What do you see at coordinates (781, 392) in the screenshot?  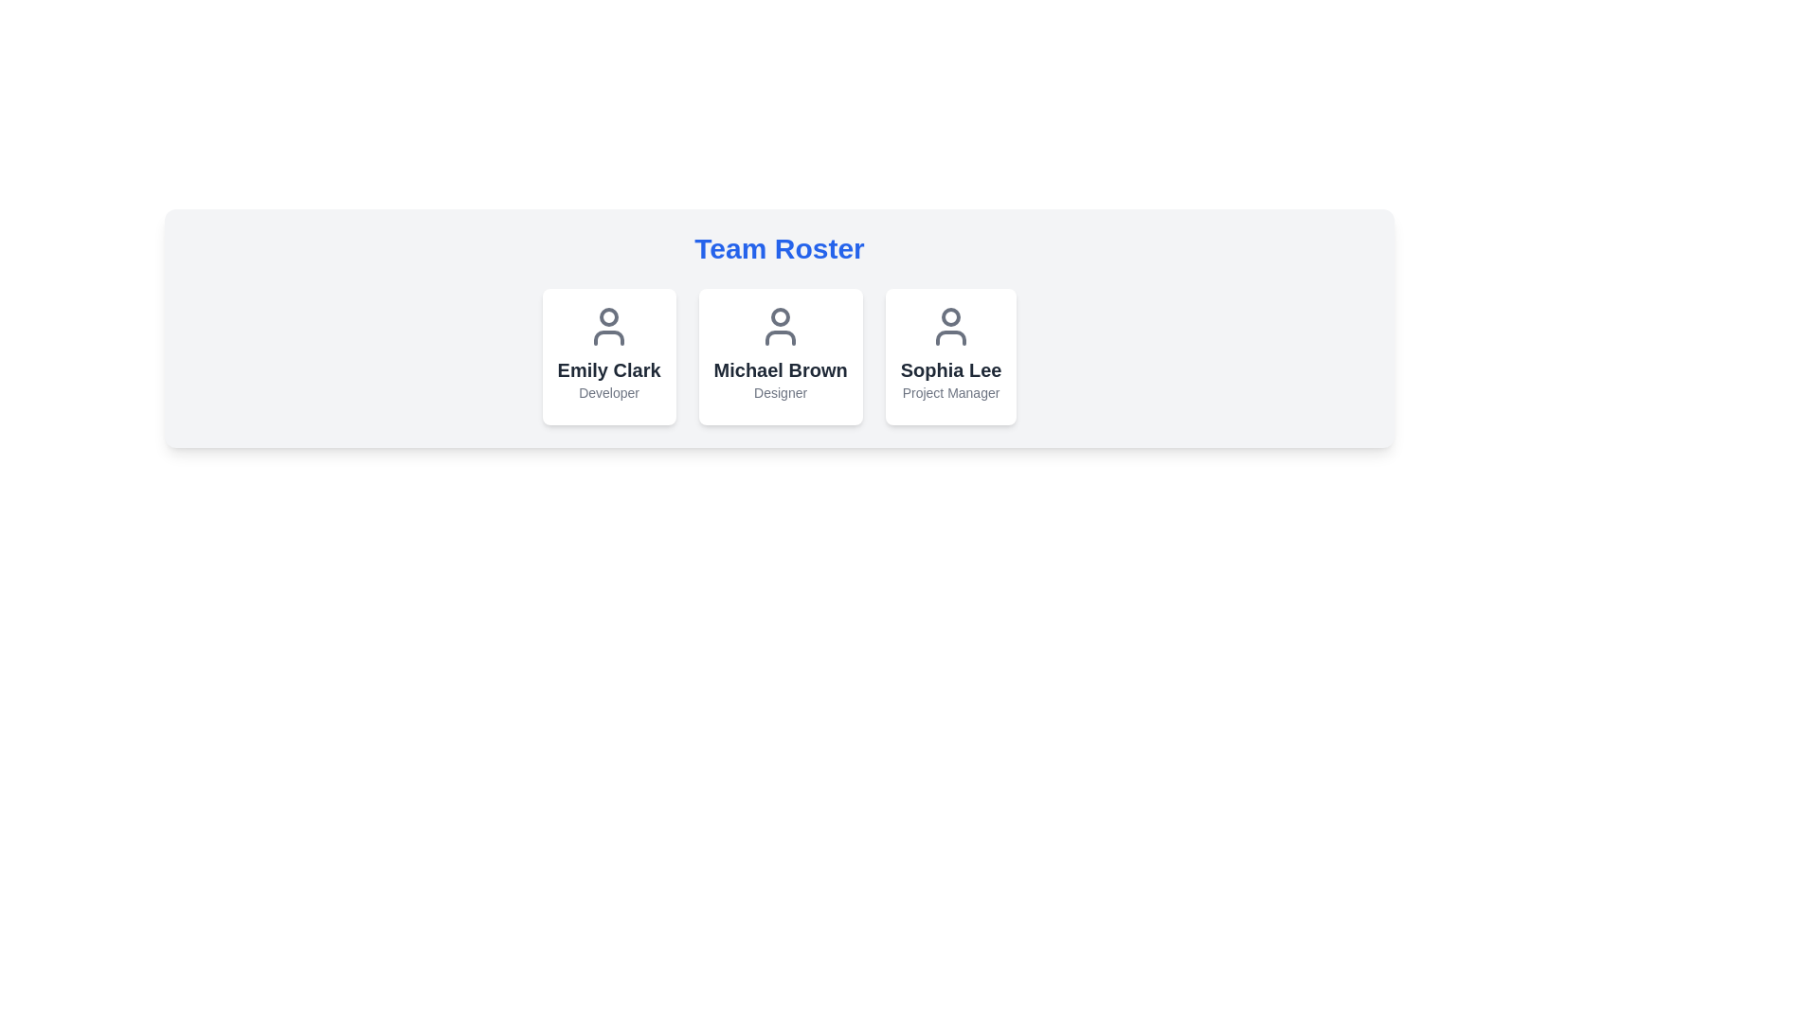 I see `the text label 'Designer' which indicates the profession of 'Michael Brown' in the middle card of the 'Team Roster'` at bounding box center [781, 392].